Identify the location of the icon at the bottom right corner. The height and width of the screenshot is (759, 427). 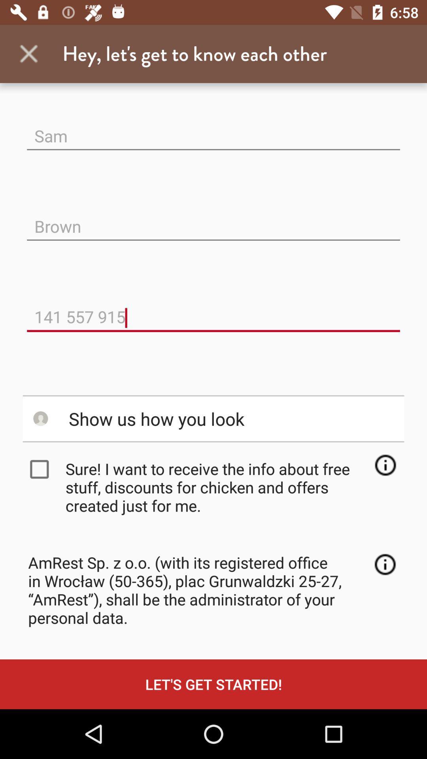
(385, 564).